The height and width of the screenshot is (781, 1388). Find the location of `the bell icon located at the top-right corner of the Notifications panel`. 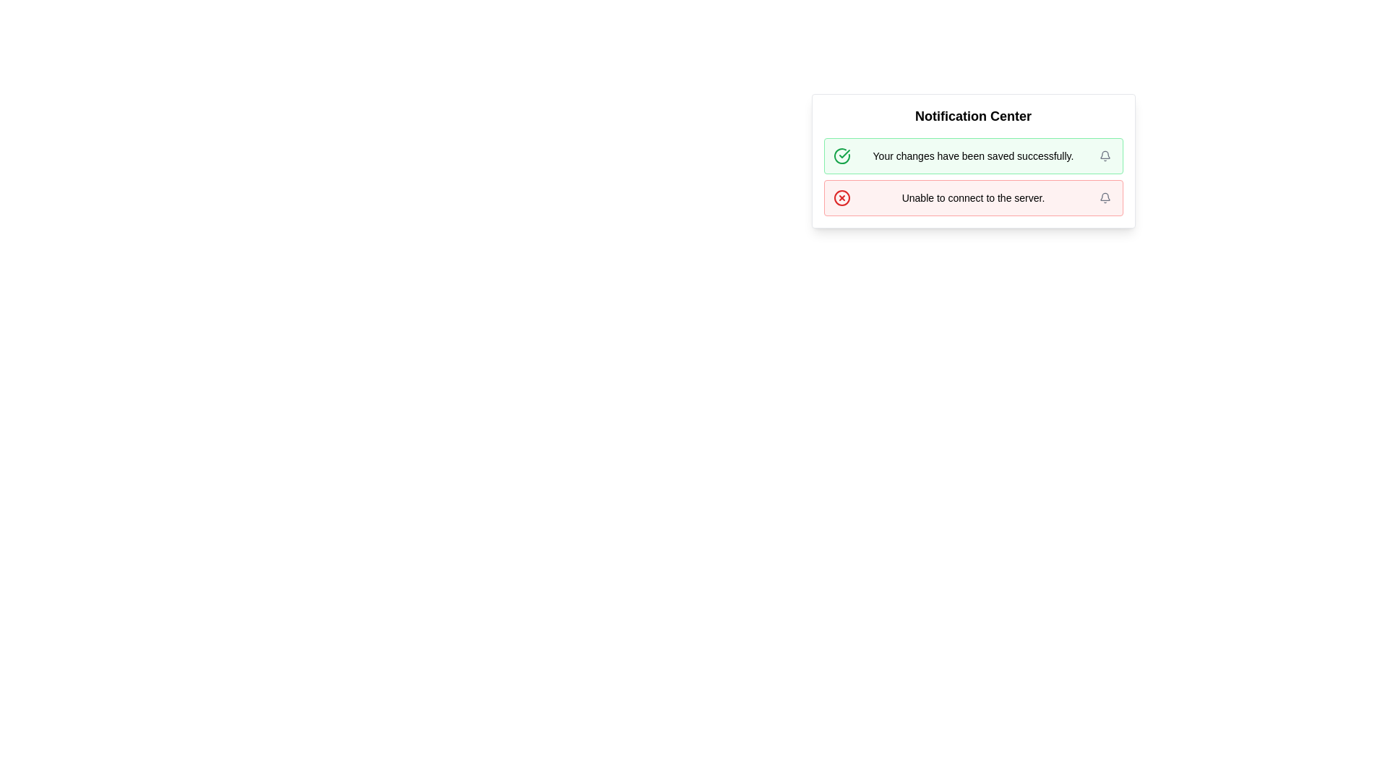

the bell icon located at the top-right corner of the Notifications panel is located at coordinates (1104, 197).